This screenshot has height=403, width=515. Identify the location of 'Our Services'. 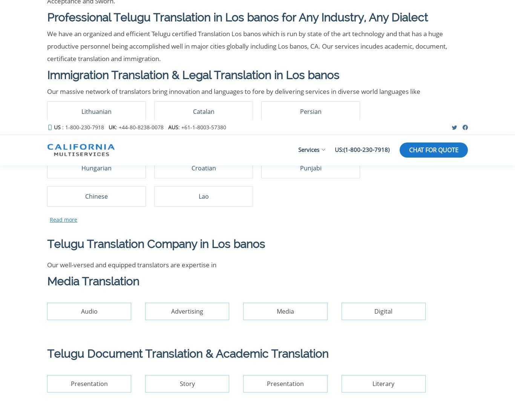
(64, 139).